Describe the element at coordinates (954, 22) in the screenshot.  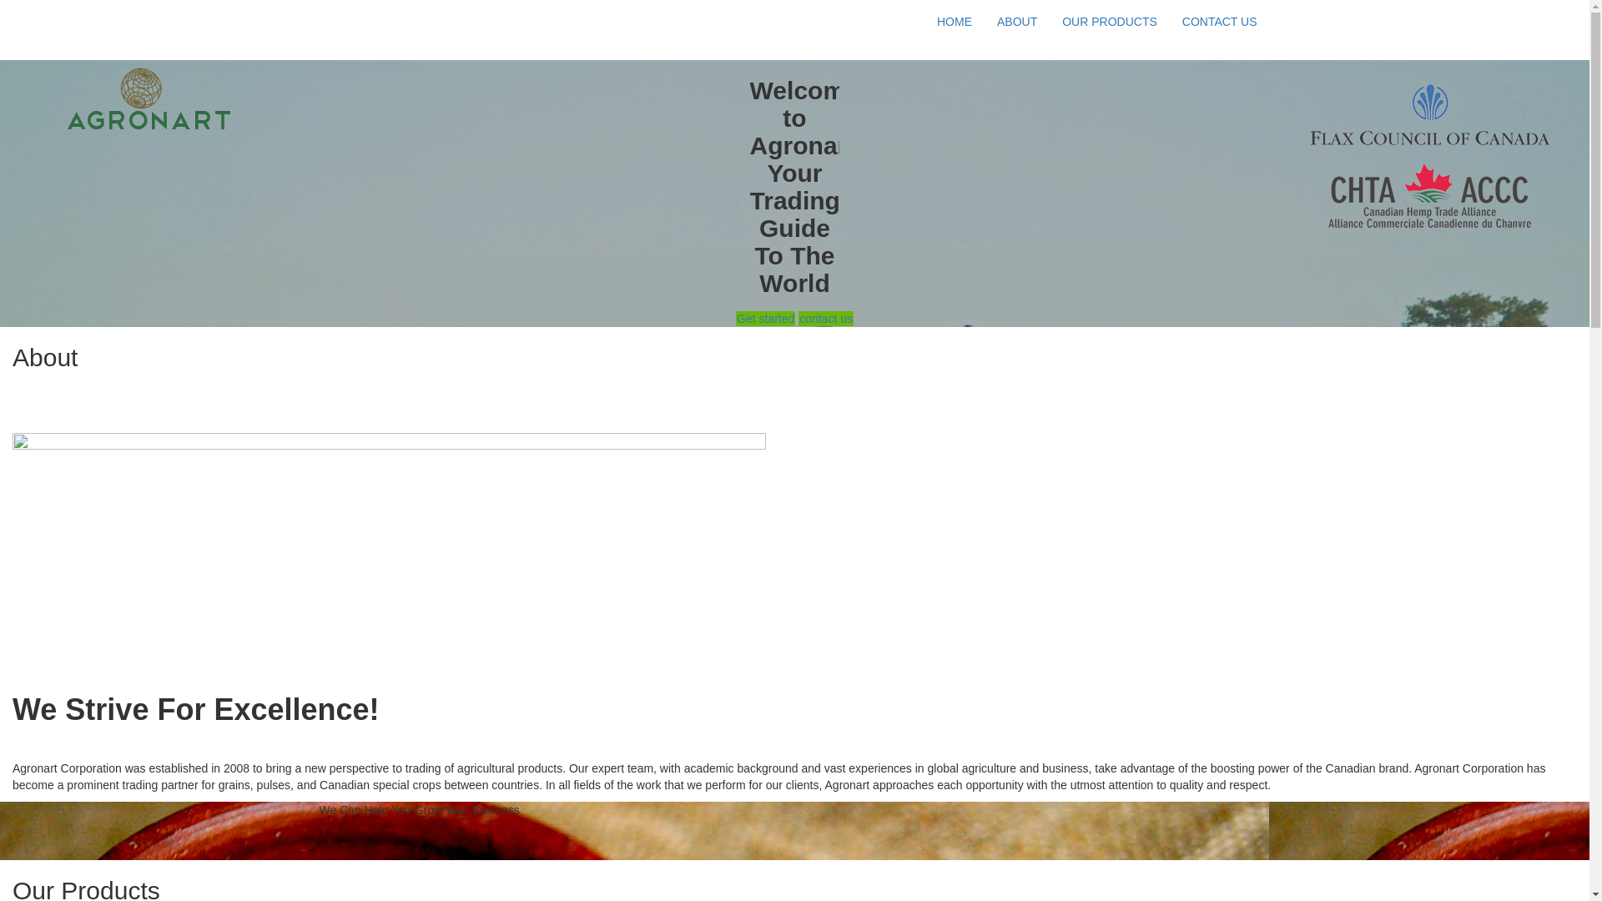
I see `'HOME'` at that location.